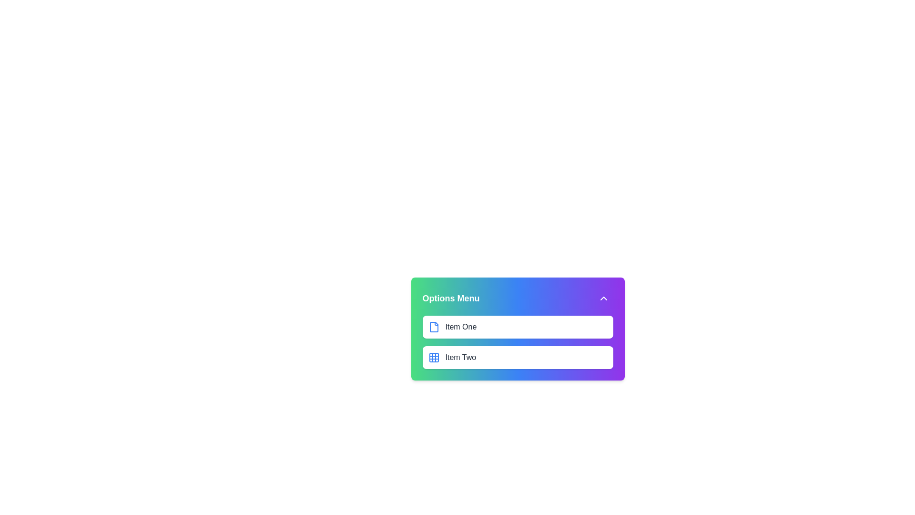 This screenshot has height=515, width=915. What do you see at coordinates (433, 327) in the screenshot?
I see `the document icon positioned to the left of 'Item One' in the Options Menu` at bounding box center [433, 327].